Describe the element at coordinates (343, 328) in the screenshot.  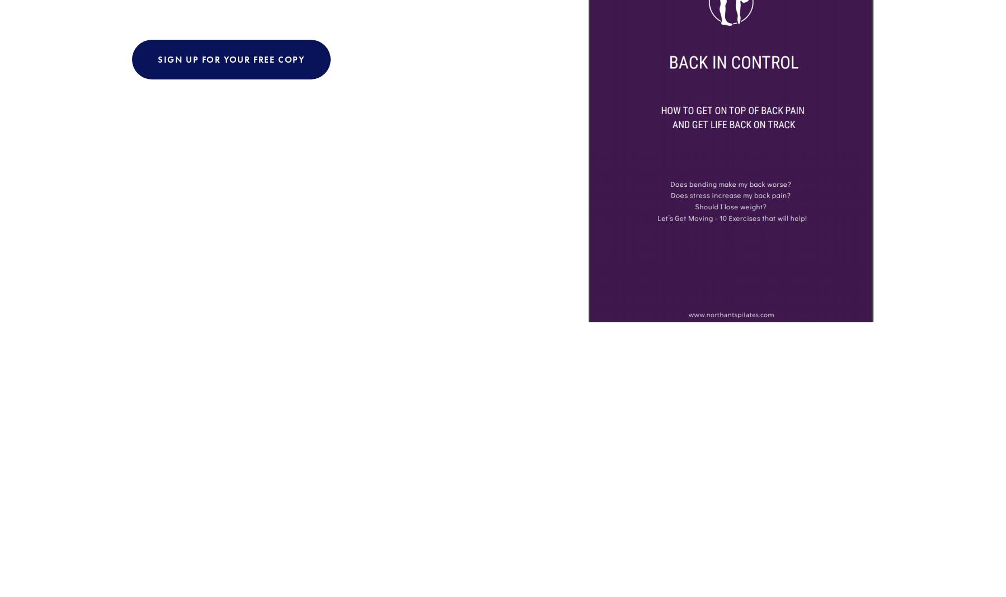
I see `'All this knowledge and the workout are available for free. If you sign up to our newsletter, we will send you your own copy of the Back In Control guide.'` at that location.